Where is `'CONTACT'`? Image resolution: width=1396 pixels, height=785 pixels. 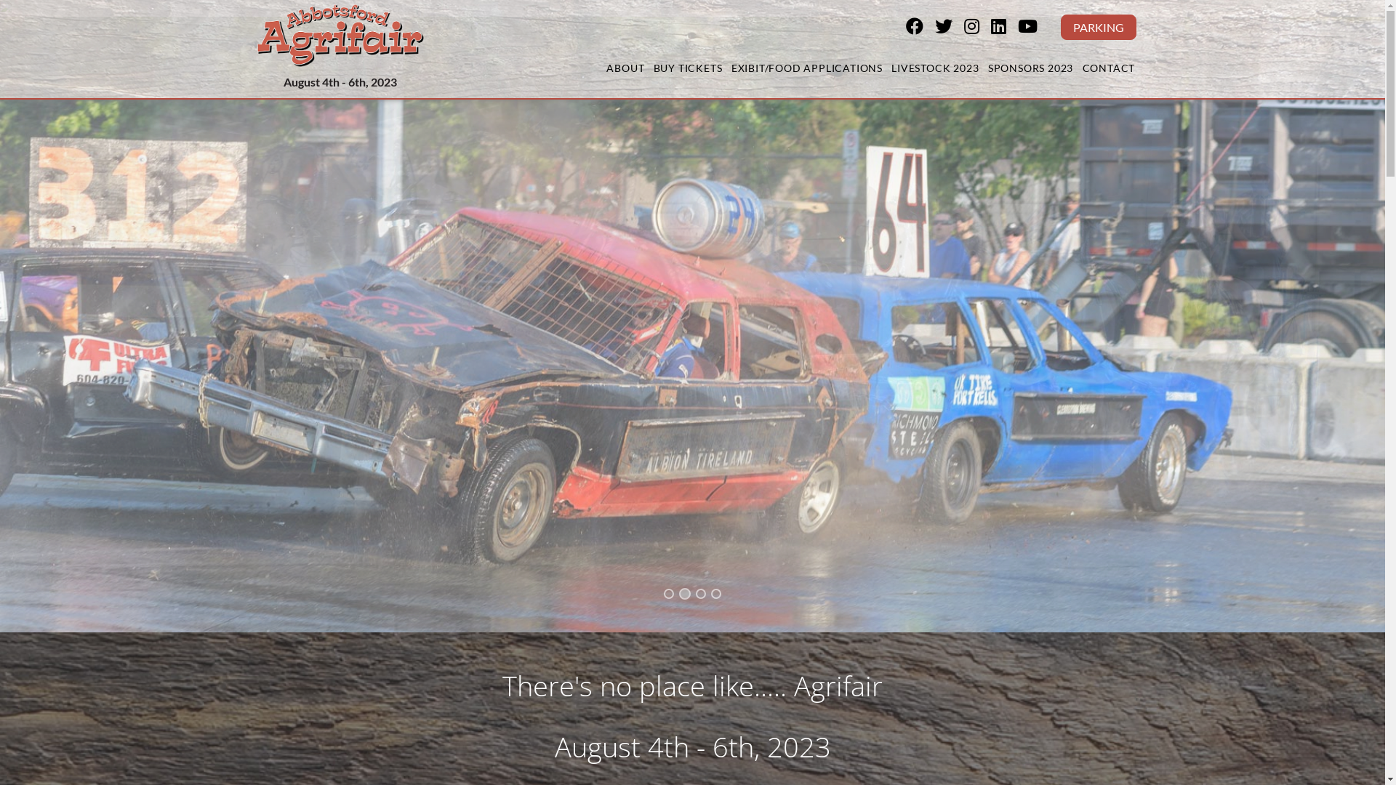
'CONTACT' is located at coordinates (1107, 69).